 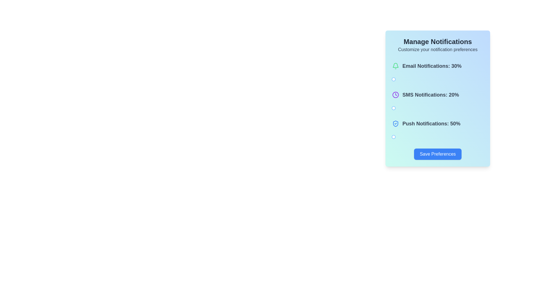 What do you see at coordinates (407, 79) in the screenshot?
I see `Email Notifications` at bounding box center [407, 79].